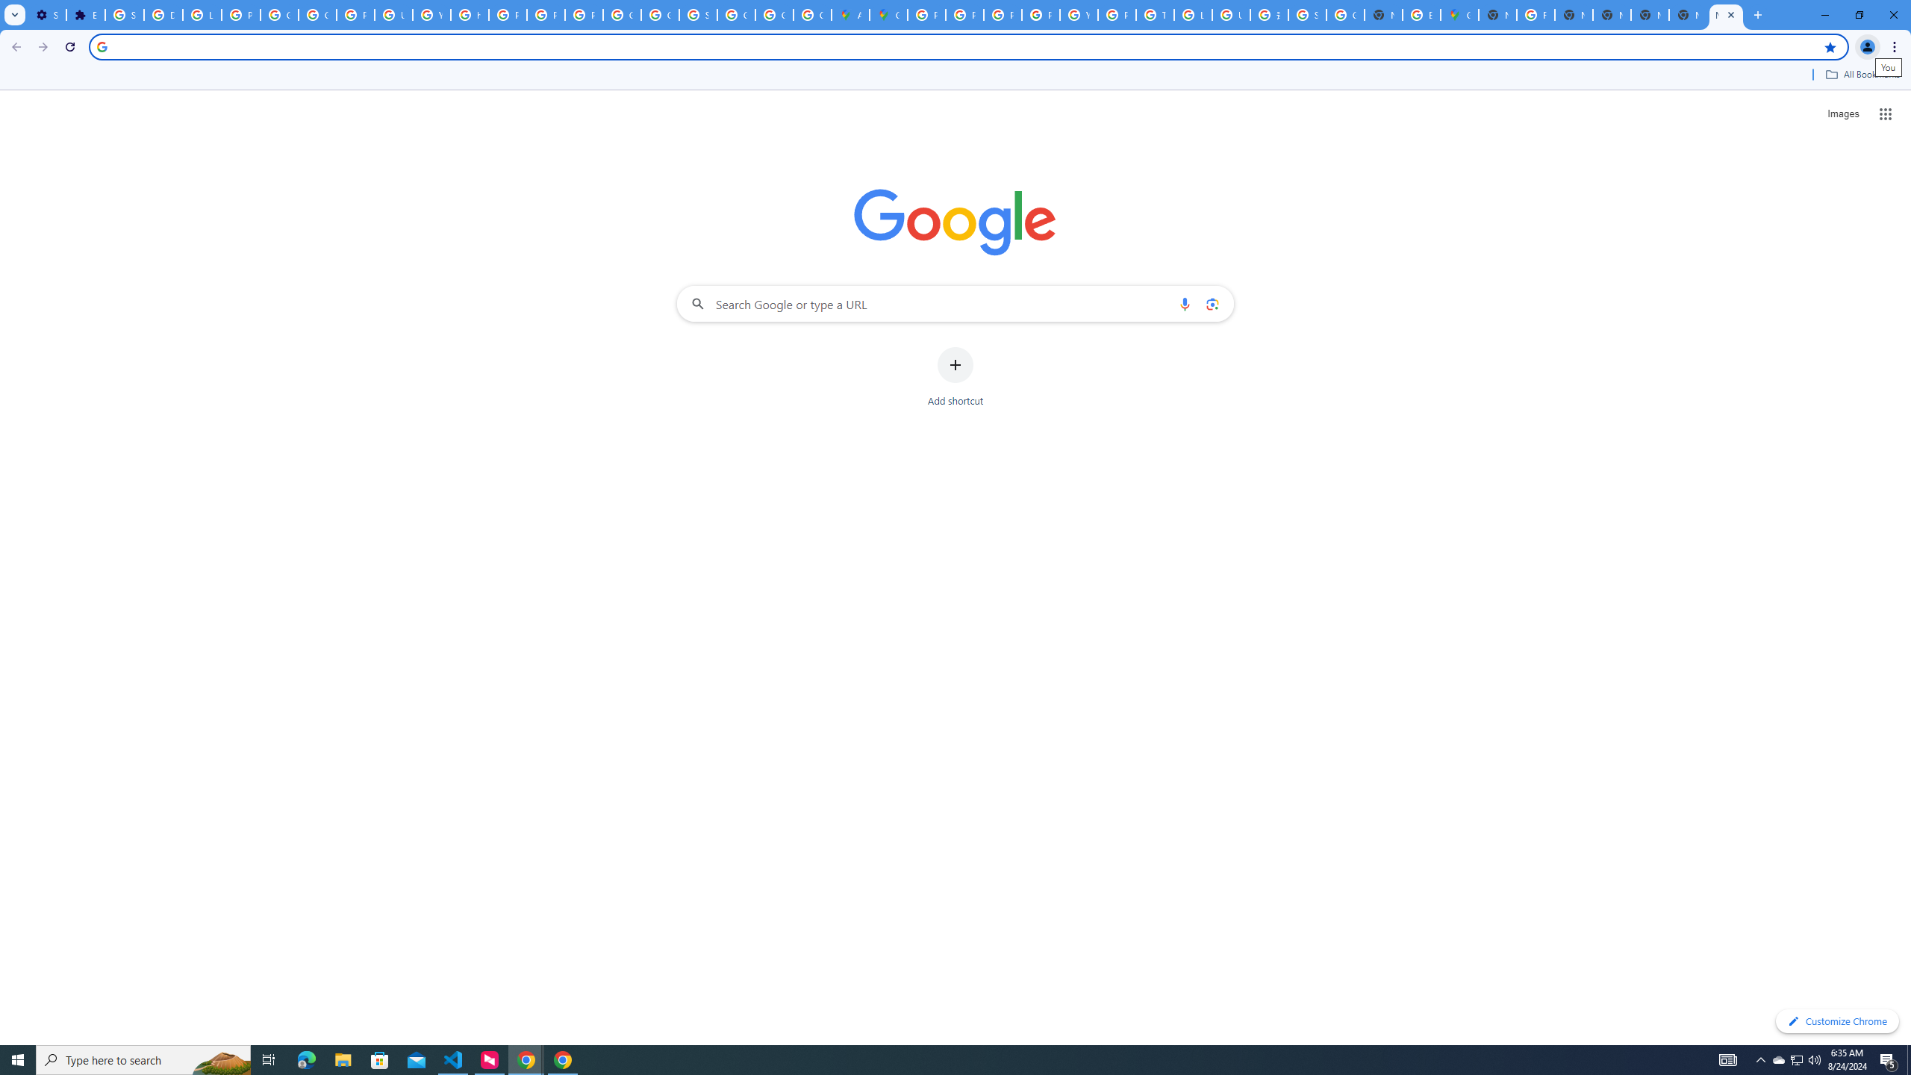  Describe the element at coordinates (1154, 14) in the screenshot. I see `'Tips & tricks for Chrome - Google Chrome Help'` at that location.